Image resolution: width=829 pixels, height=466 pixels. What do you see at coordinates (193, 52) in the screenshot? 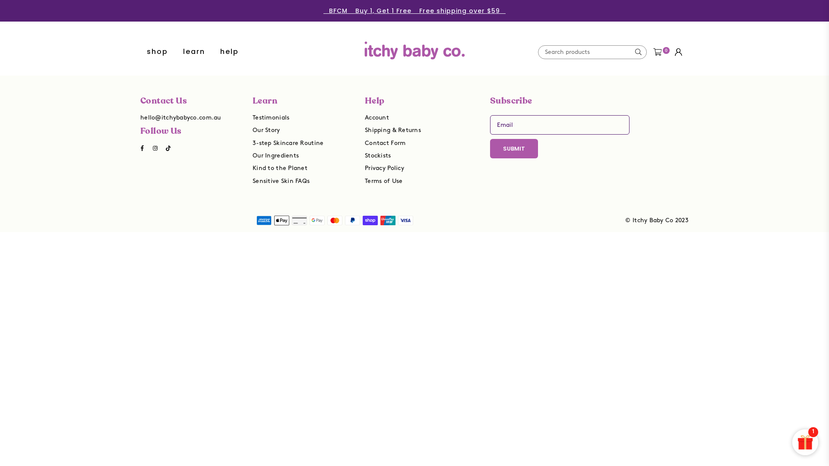
I see `'learn'` at bounding box center [193, 52].